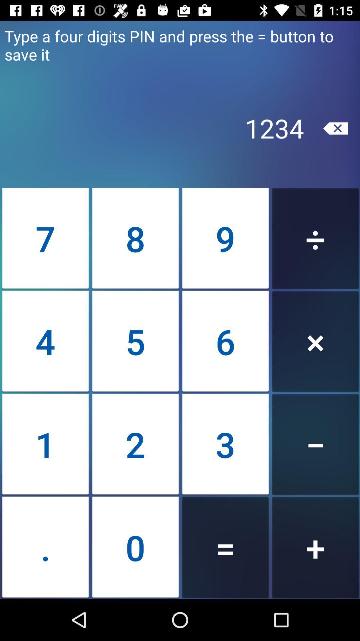 This screenshot has width=360, height=641. What do you see at coordinates (335, 128) in the screenshot?
I see `backspace` at bounding box center [335, 128].